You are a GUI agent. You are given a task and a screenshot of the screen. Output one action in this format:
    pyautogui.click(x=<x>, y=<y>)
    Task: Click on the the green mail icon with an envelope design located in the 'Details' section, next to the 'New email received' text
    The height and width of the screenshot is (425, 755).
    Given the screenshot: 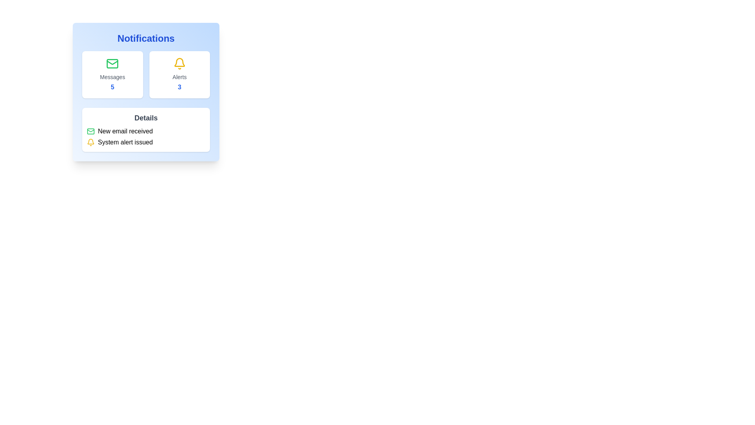 What is the action you would take?
    pyautogui.click(x=90, y=131)
    